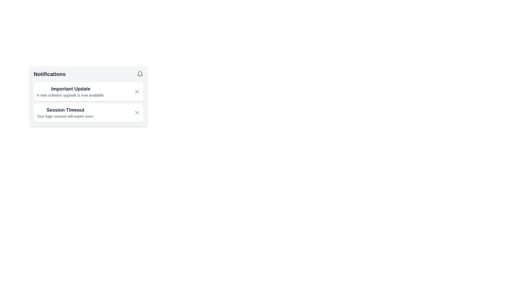 The height and width of the screenshot is (285, 506). Describe the element at coordinates (137, 91) in the screenshot. I see `the close button located at the top-right corner of the 'Important Update' notification in the notifications card using keyboard navigation` at that location.